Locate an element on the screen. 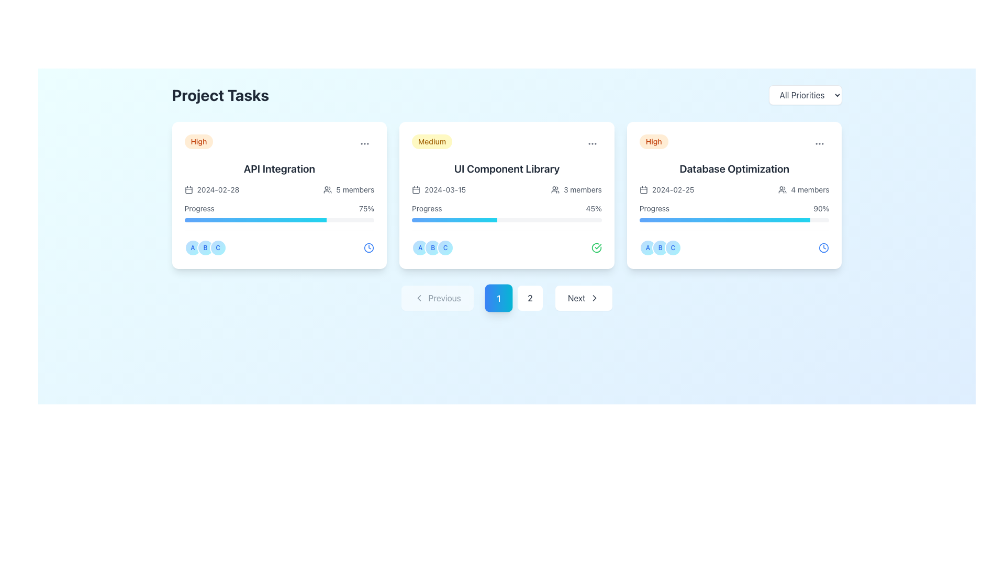 The width and height of the screenshot is (1005, 565). the left-pointing arrow icon in the navigation bar is located at coordinates (419, 298).